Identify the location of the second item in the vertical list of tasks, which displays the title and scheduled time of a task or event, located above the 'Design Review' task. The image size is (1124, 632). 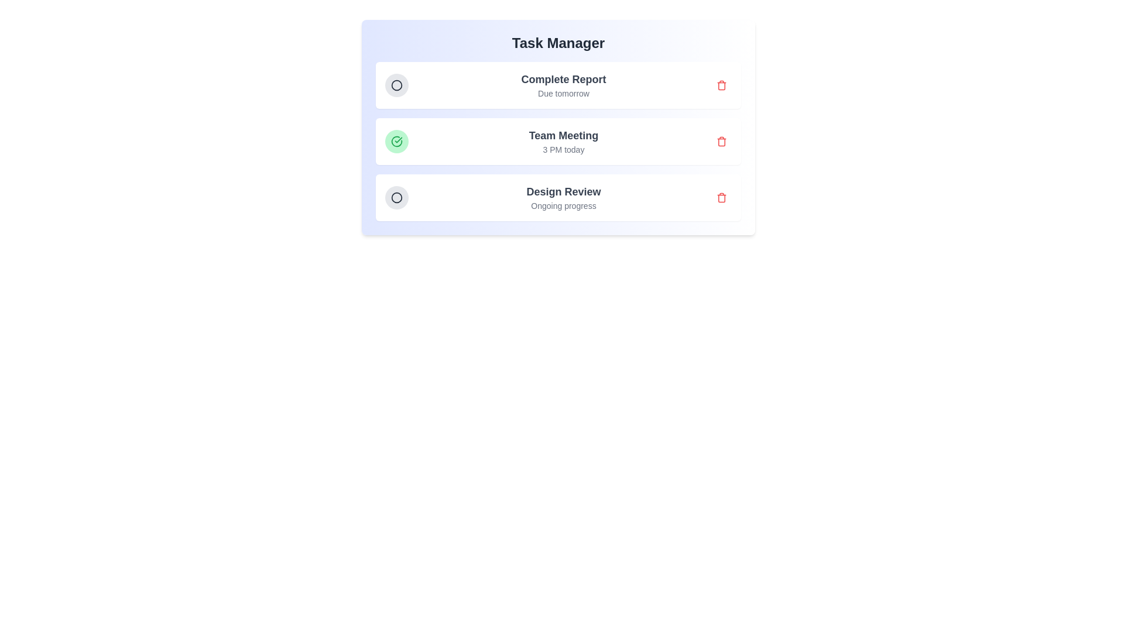
(564, 141).